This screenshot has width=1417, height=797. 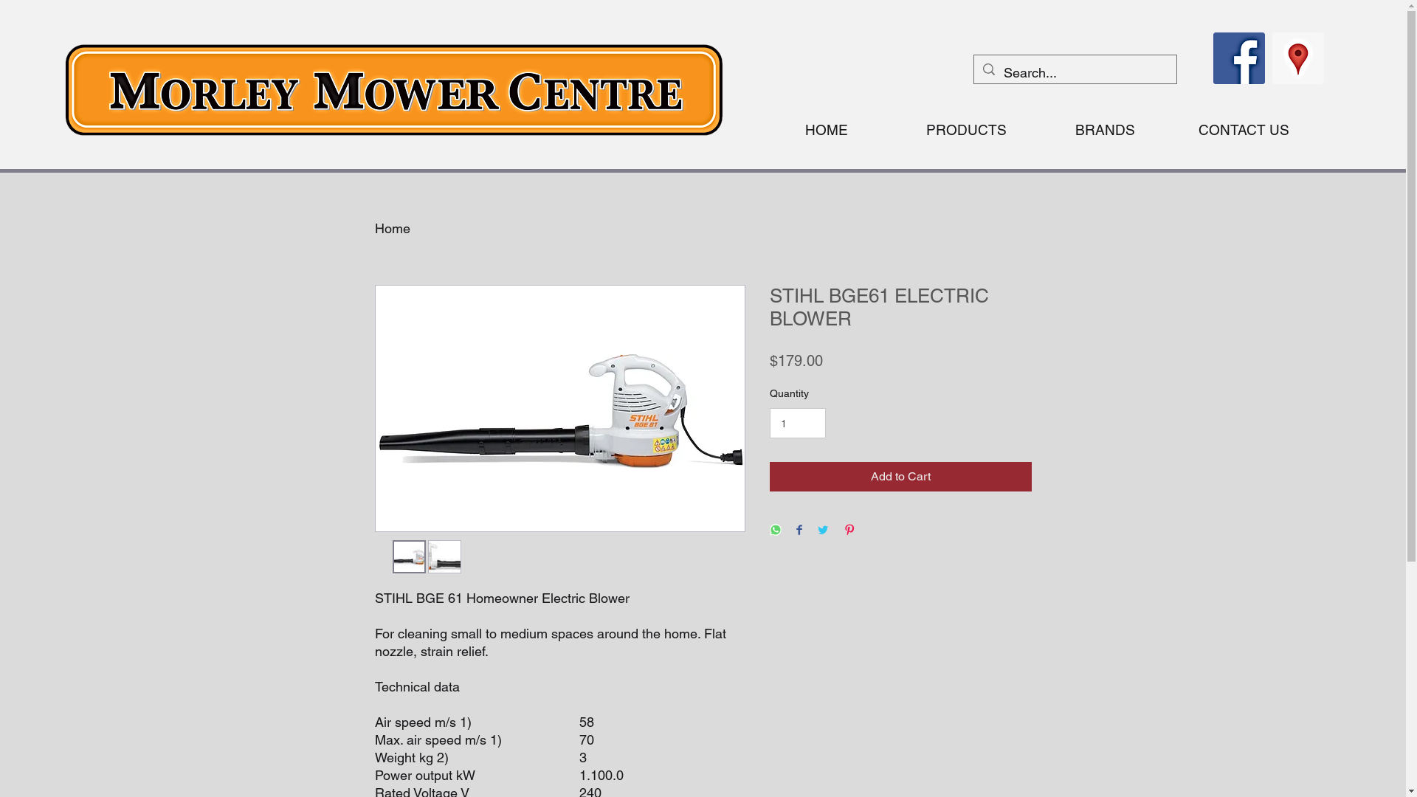 I want to click on 'CONTACT US', so click(x=1174, y=129).